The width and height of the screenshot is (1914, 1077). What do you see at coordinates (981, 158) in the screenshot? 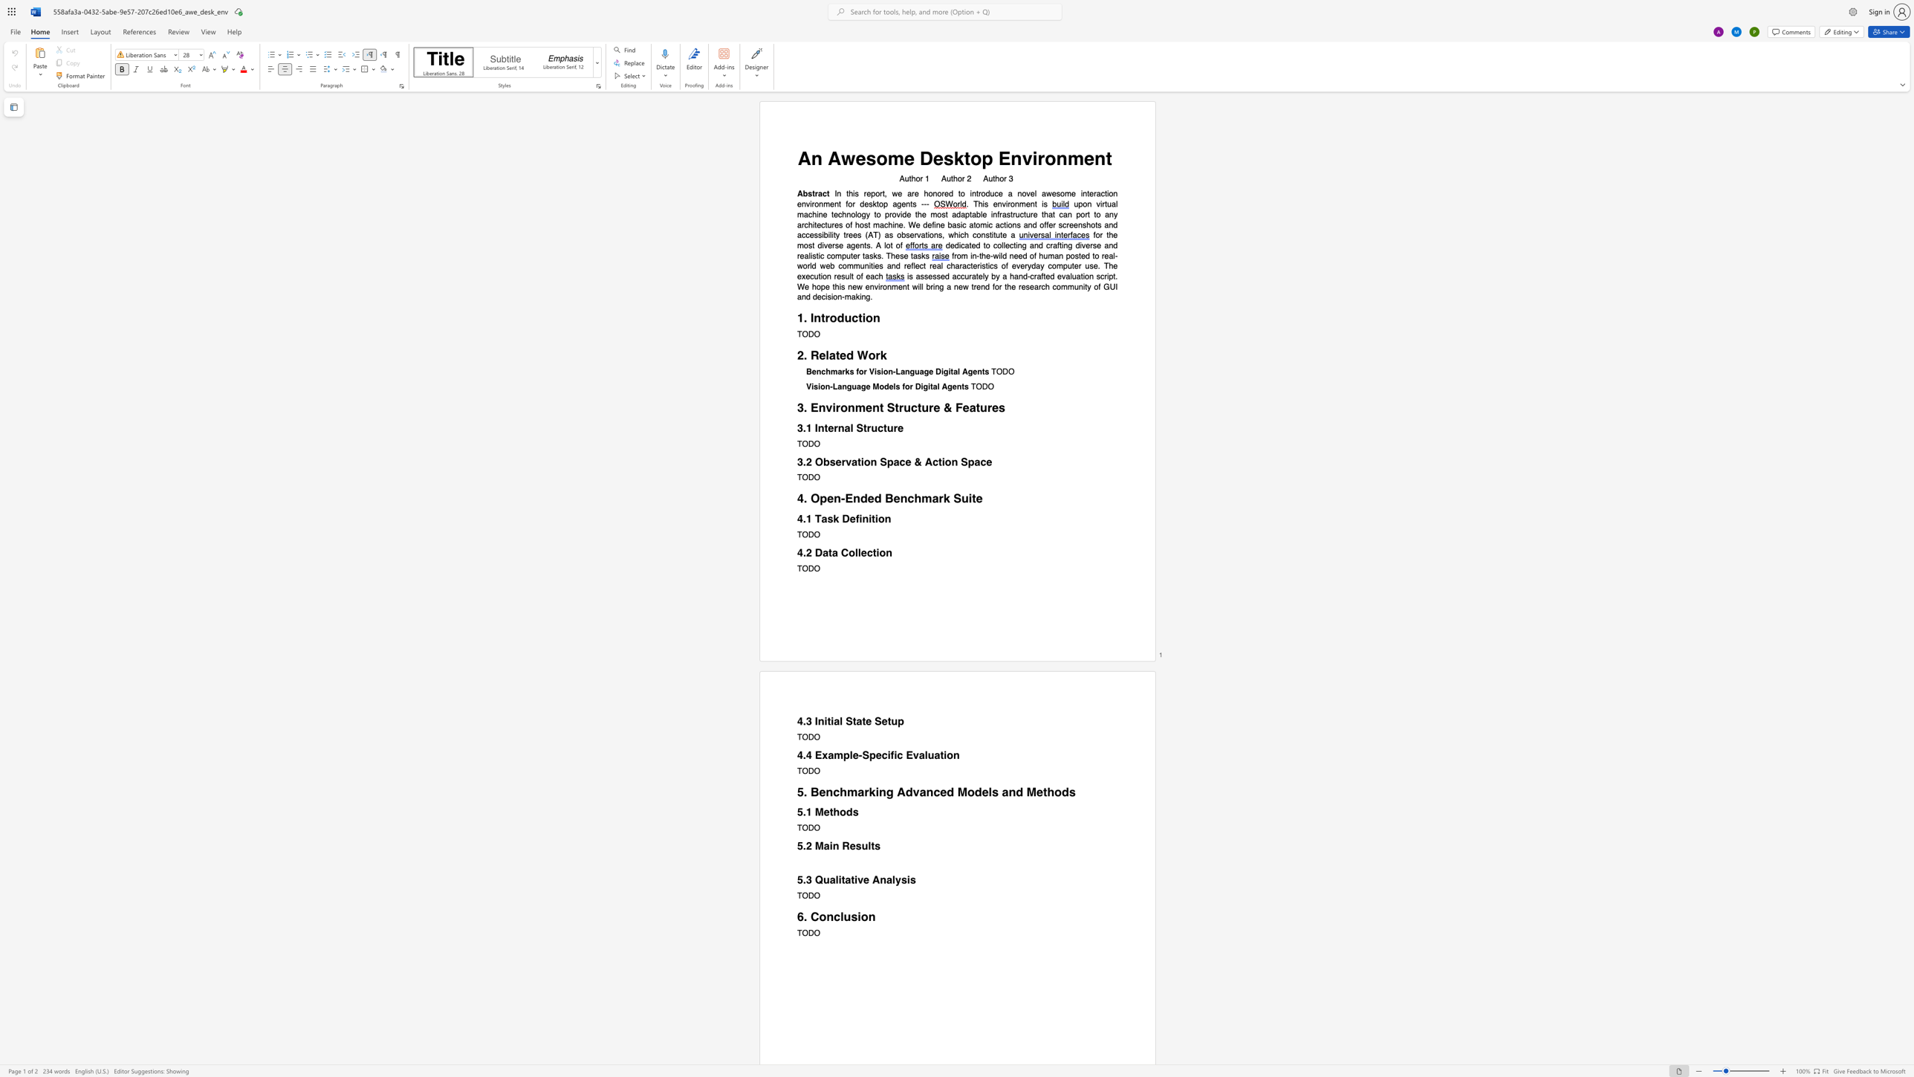
I see `the space between the continuous character "o" and "p" in the text` at bounding box center [981, 158].